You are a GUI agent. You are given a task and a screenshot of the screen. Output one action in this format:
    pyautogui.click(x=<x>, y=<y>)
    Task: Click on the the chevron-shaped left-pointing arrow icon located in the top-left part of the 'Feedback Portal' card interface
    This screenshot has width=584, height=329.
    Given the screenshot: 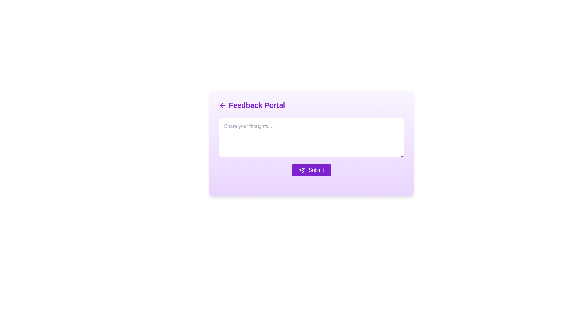 What is the action you would take?
    pyautogui.click(x=221, y=105)
    